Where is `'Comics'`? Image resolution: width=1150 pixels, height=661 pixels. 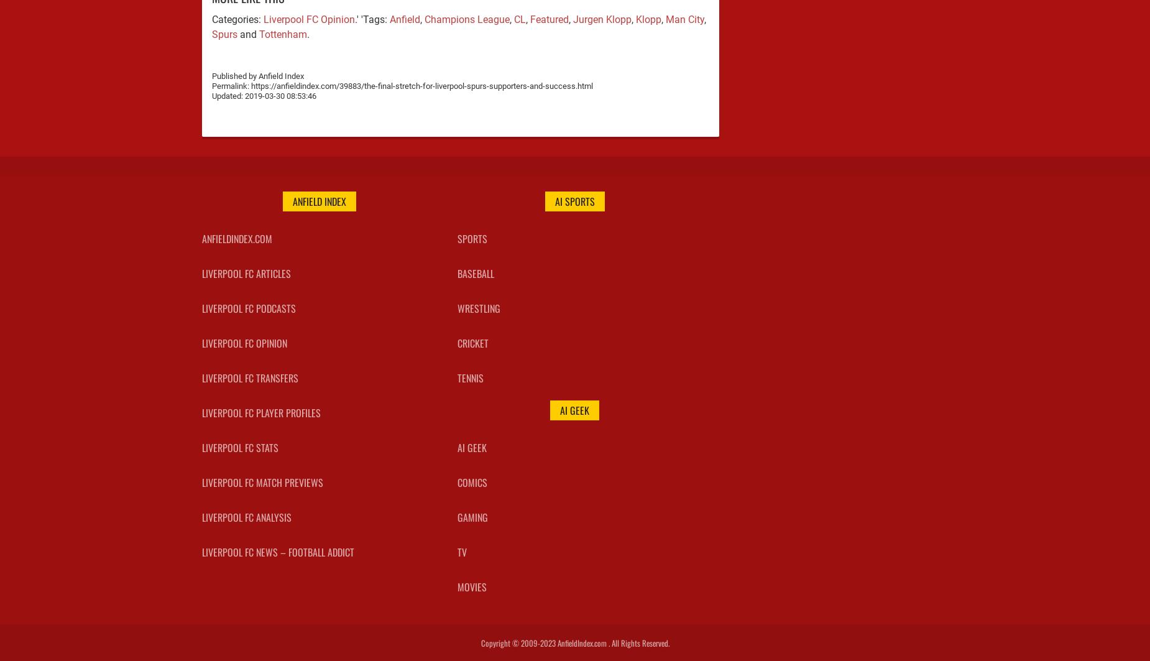 'Comics' is located at coordinates (472, 481).